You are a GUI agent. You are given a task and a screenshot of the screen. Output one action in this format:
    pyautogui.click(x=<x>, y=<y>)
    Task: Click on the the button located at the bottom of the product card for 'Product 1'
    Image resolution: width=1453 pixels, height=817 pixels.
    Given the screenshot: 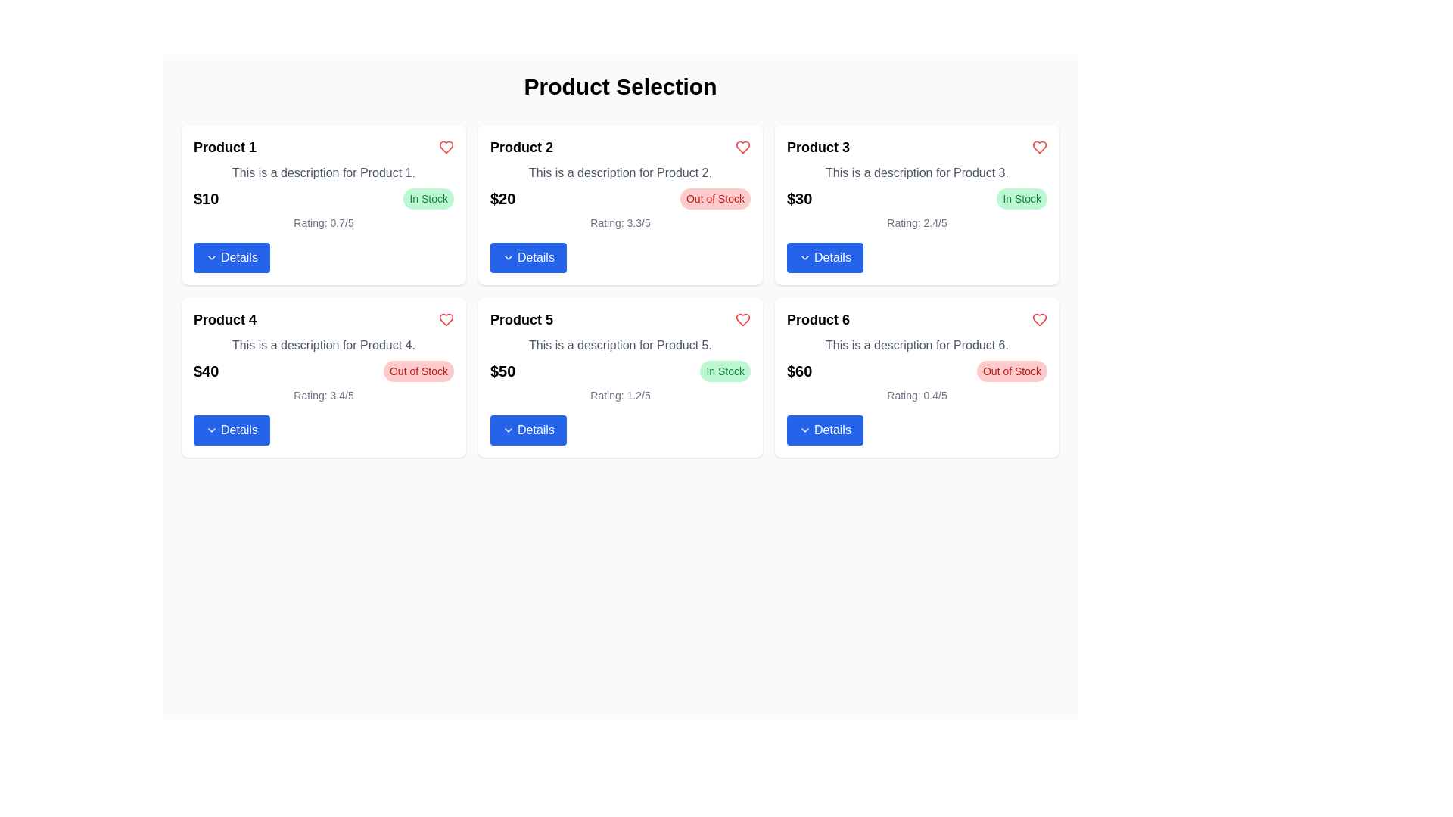 What is the action you would take?
    pyautogui.click(x=231, y=256)
    